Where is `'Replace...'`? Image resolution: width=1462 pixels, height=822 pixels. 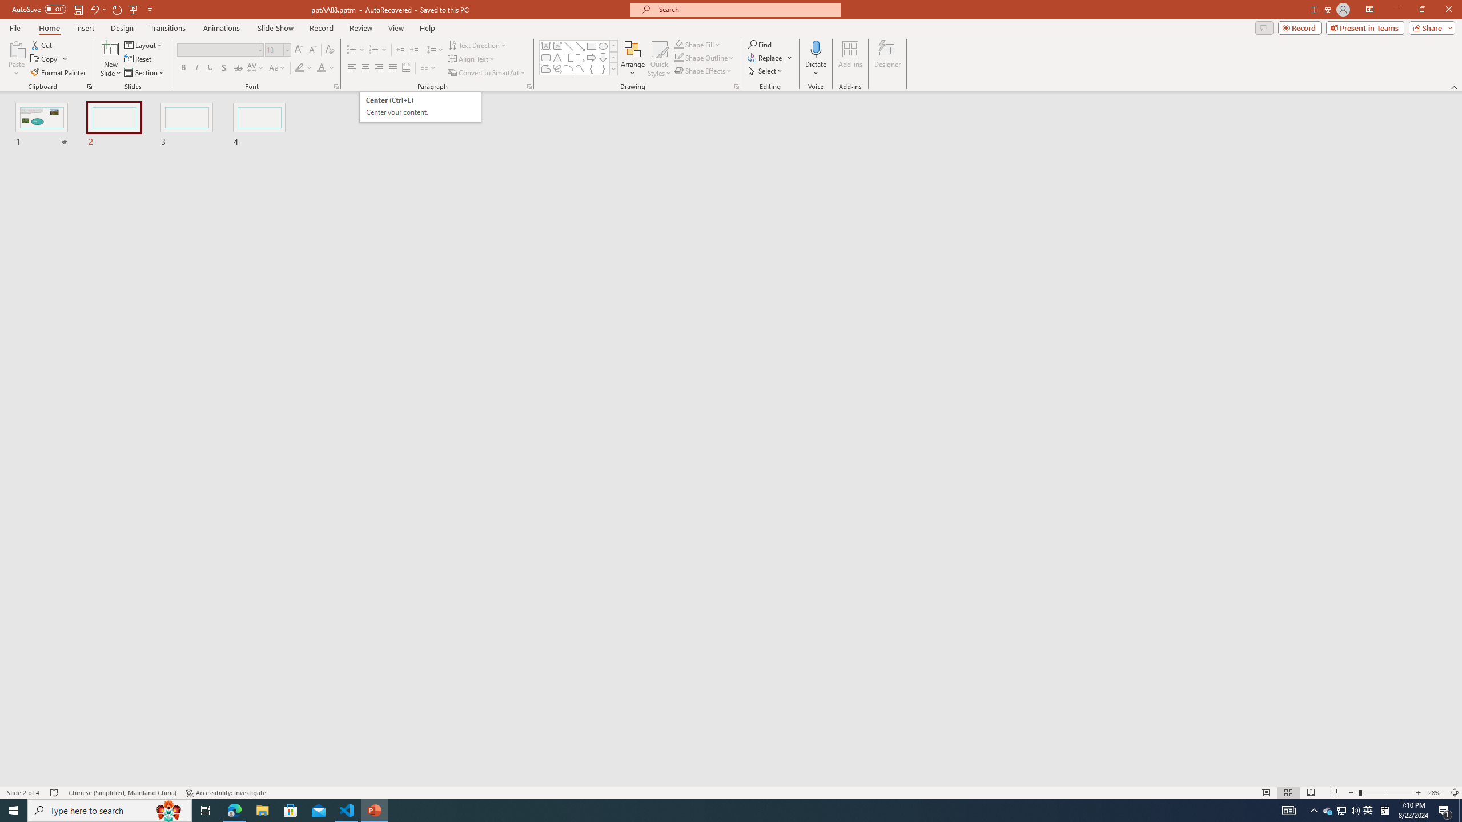
'Replace...' is located at coordinates (766, 57).